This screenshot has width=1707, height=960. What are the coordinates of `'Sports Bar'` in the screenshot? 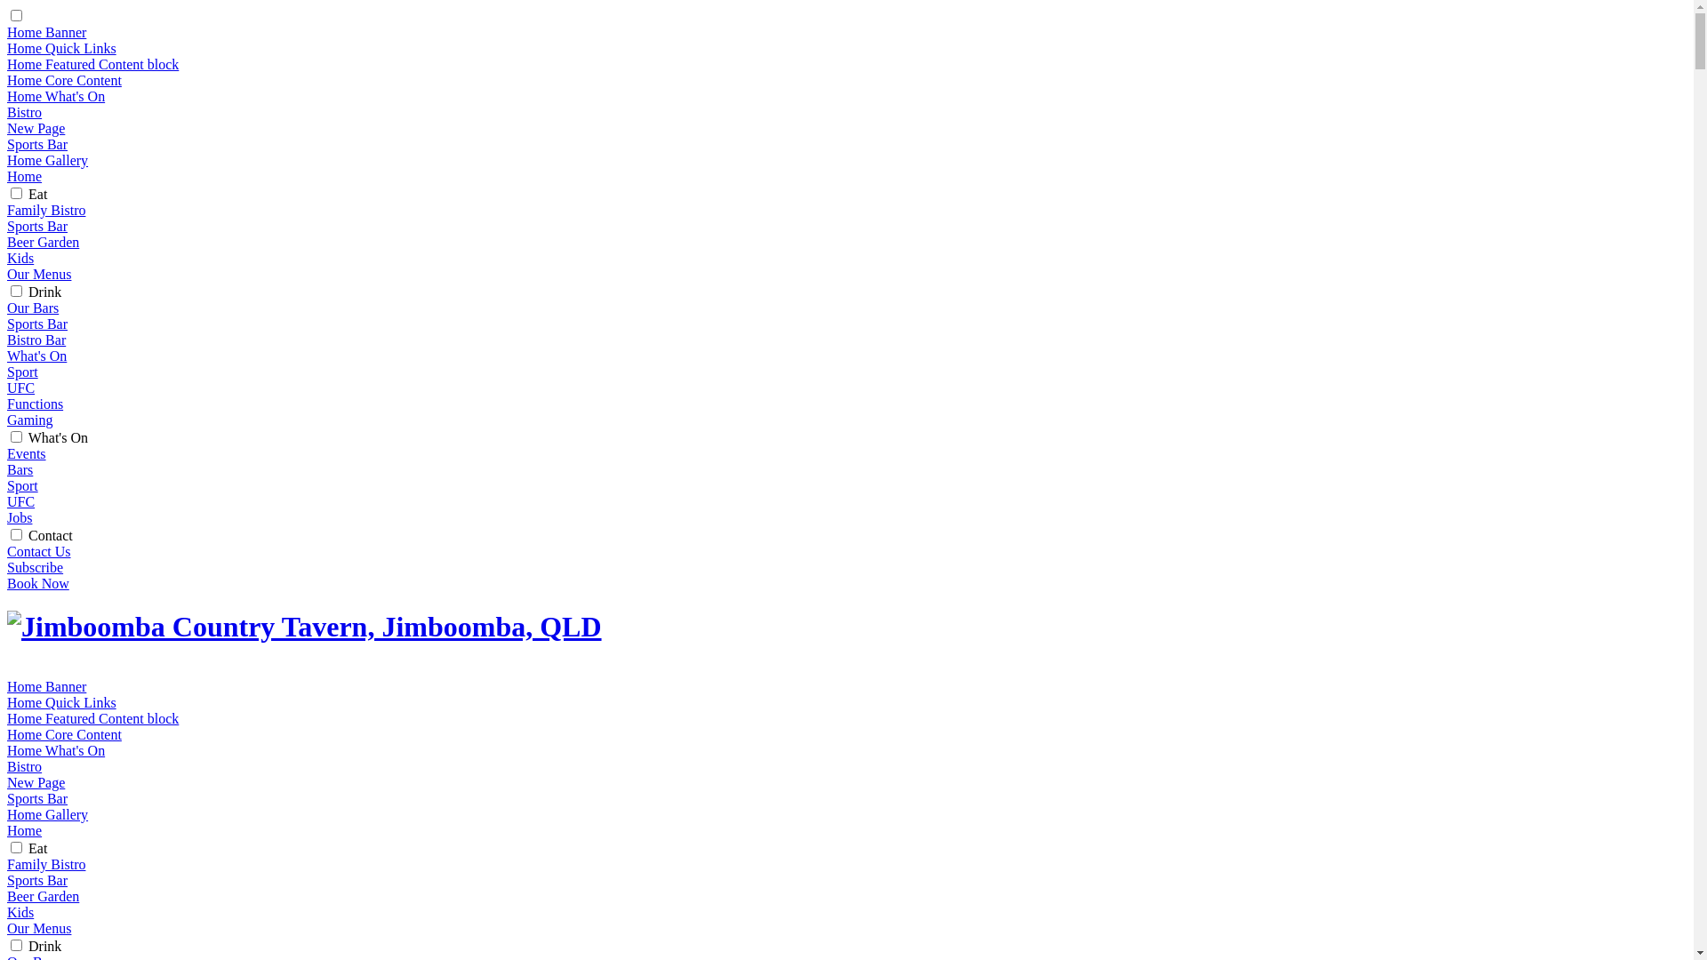 It's located at (7, 143).